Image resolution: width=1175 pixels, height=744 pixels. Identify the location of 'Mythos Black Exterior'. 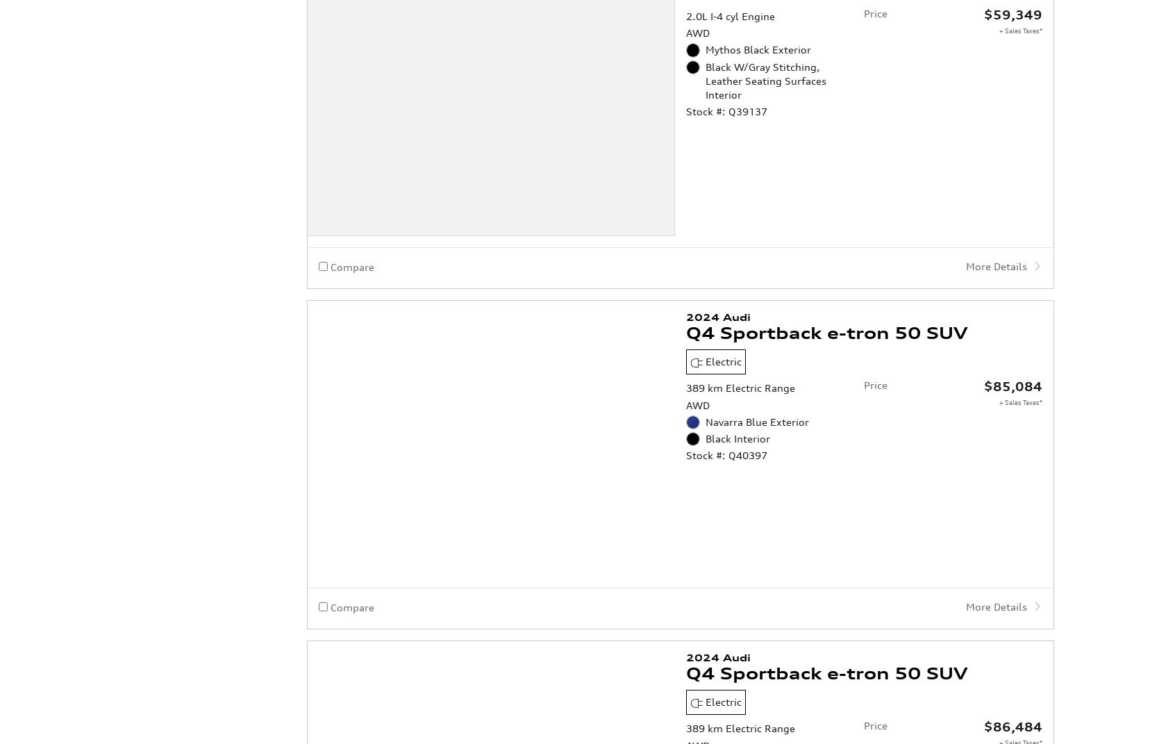
(758, 706).